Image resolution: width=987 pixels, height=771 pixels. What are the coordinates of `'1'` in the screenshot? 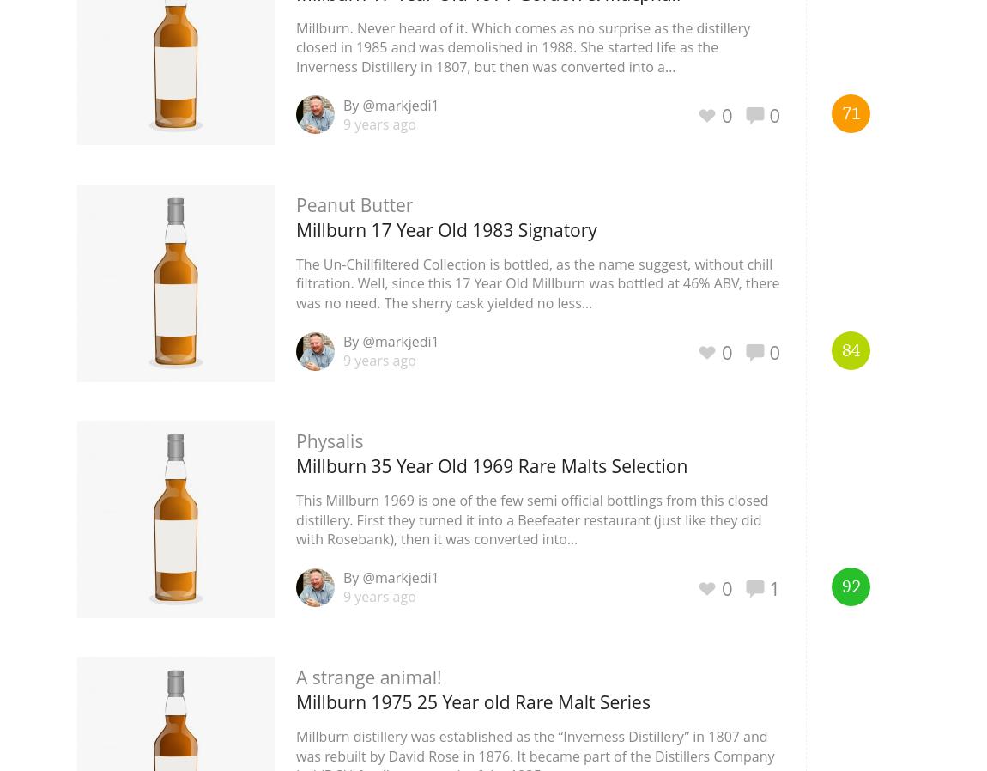 It's located at (774, 587).